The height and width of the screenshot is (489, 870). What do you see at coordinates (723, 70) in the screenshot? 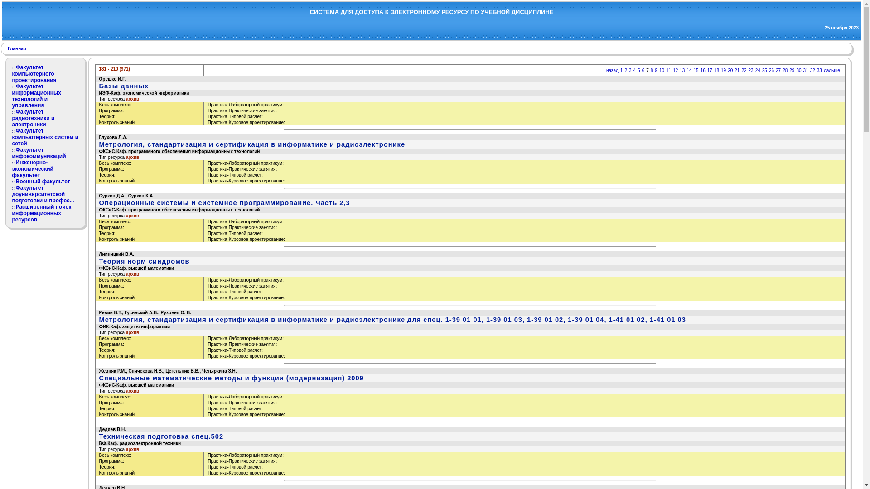
I see `'19'` at bounding box center [723, 70].